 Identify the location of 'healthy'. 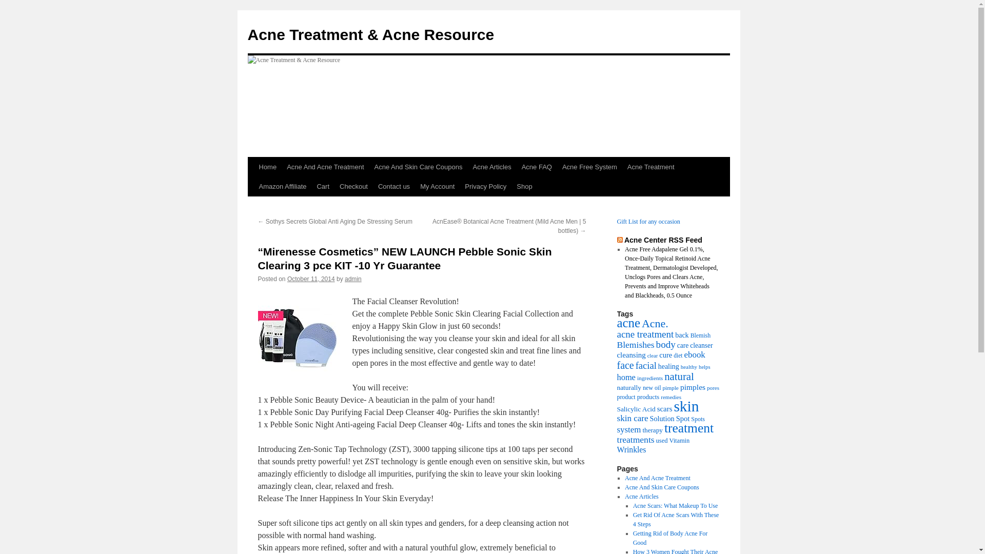
(680, 366).